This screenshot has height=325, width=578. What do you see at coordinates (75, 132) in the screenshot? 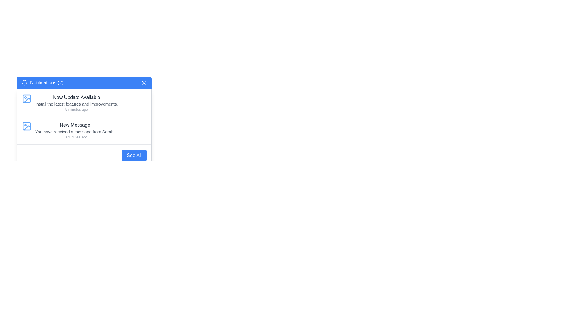
I see `summarized notification message displayed under the 'New Message' element and above the '10 minutes ago' time indicator` at bounding box center [75, 132].